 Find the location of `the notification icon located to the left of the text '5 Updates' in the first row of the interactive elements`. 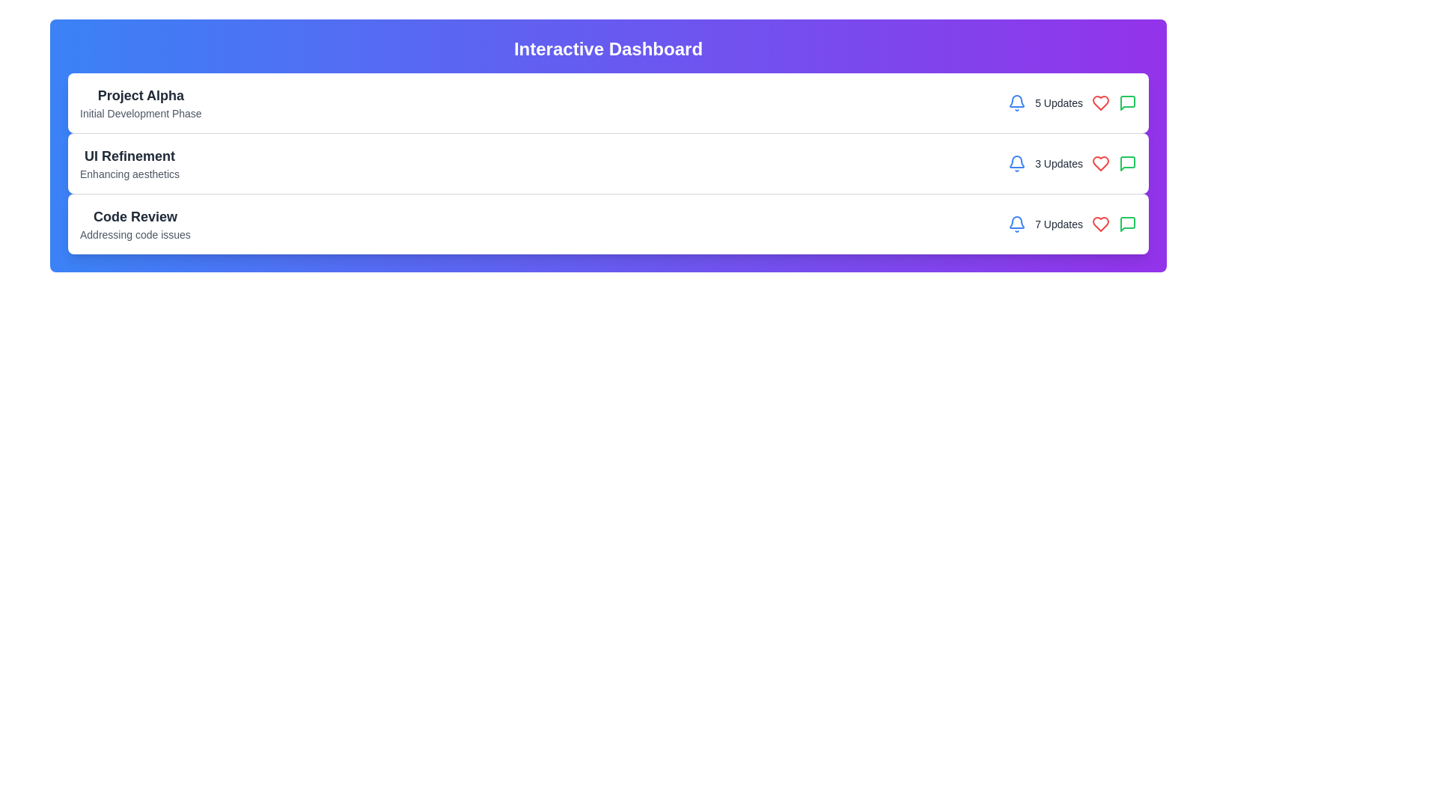

the notification icon located to the left of the text '5 Updates' in the first row of the interactive elements is located at coordinates (1017, 102).